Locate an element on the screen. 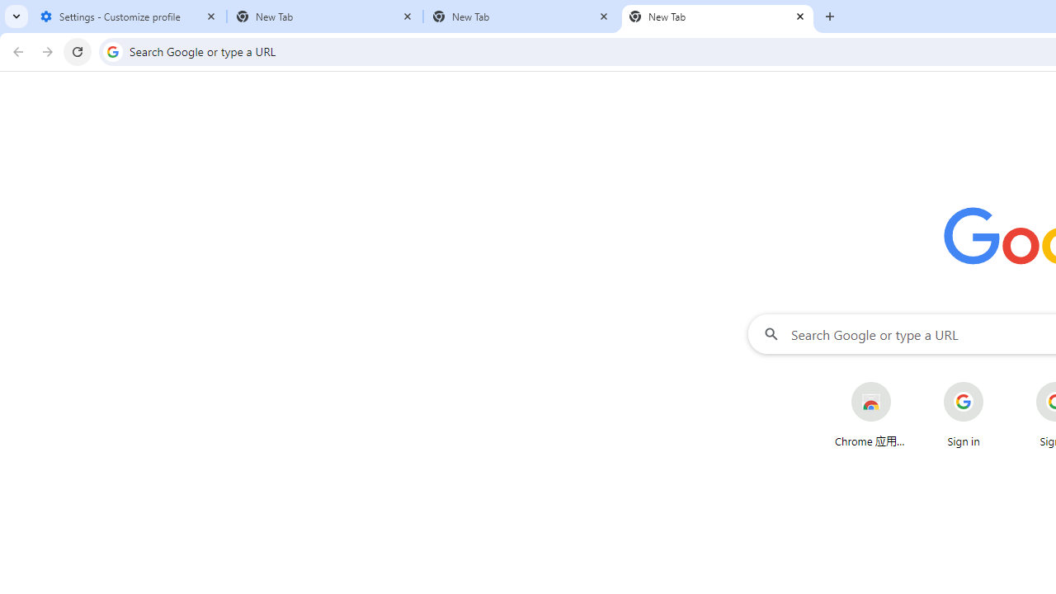 This screenshot has width=1056, height=594. 'Settings - Customize profile' is located at coordinates (128, 16).